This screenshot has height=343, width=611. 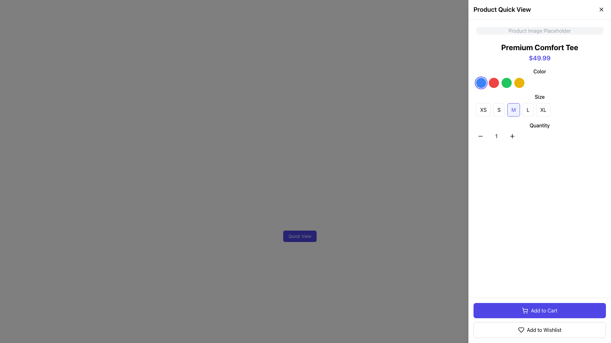 I want to click on the minus button located below the 'Quantity' label to decrease the quantity in the product quick view modal, so click(x=481, y=136).